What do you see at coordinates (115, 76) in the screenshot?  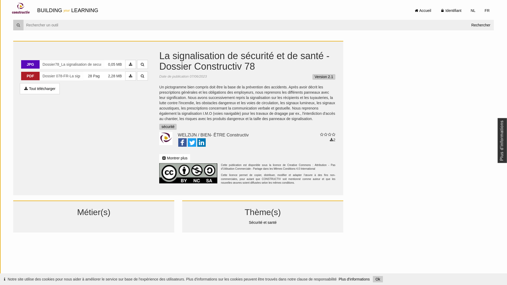 I see `'2,28 MB'` at bounding box center [115, 76].